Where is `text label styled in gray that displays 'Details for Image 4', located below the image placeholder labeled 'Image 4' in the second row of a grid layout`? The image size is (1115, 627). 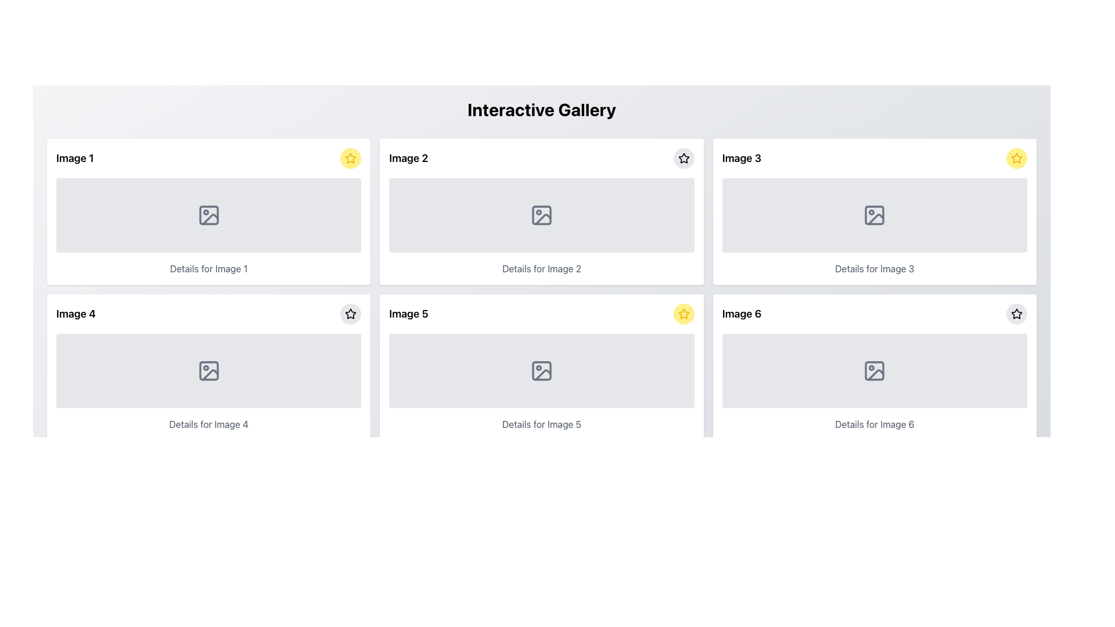 text label styled in gray that displays 'Details for Image 4', located below the image placeholder labeled 'Image 4' in the second row of a grid layout is located at coordinates (208, 424).